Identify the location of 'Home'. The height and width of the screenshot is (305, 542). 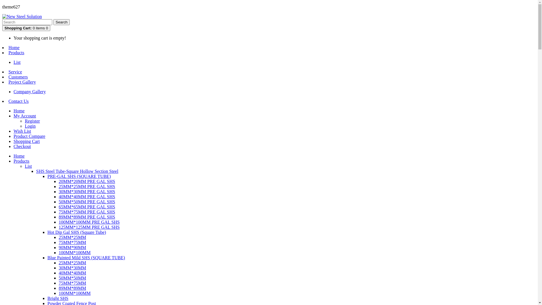
(14, 47).